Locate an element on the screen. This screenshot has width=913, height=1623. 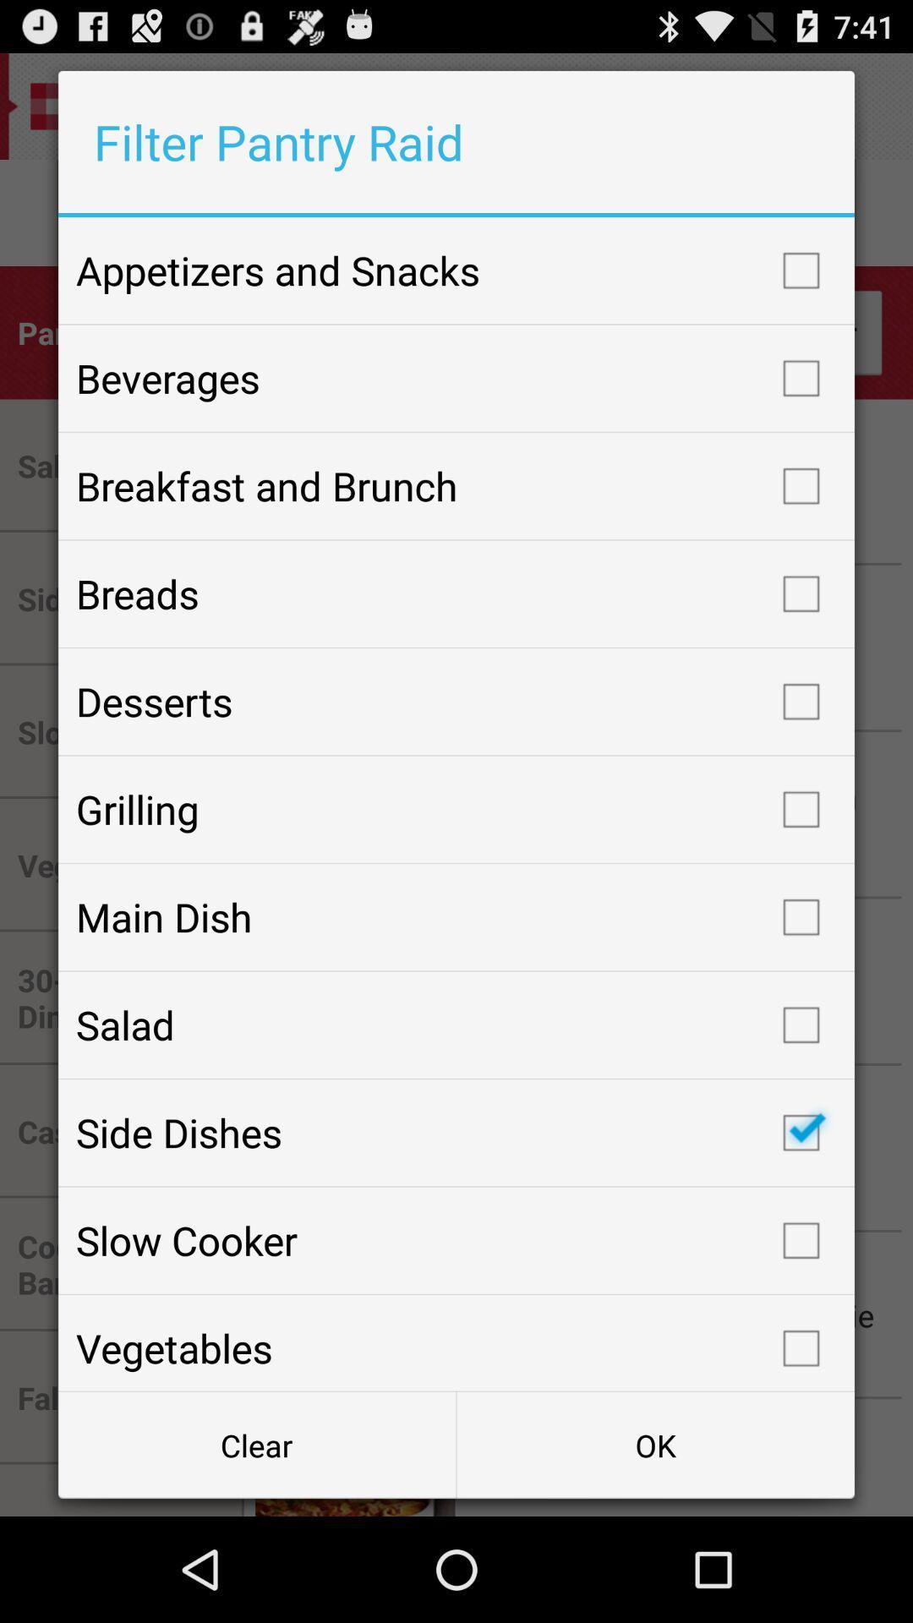
the item below slow cooker item is located at coordinates (456, 1342).